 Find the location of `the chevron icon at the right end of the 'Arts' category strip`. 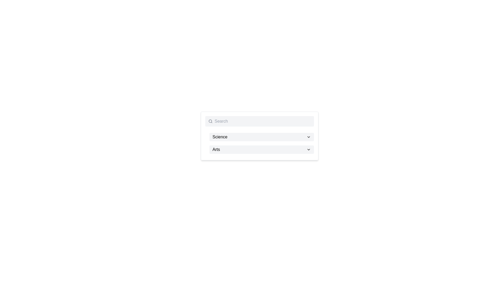

the chevron icon at the right end of the 'Arts' category strip is located at coordinates (308, 149).